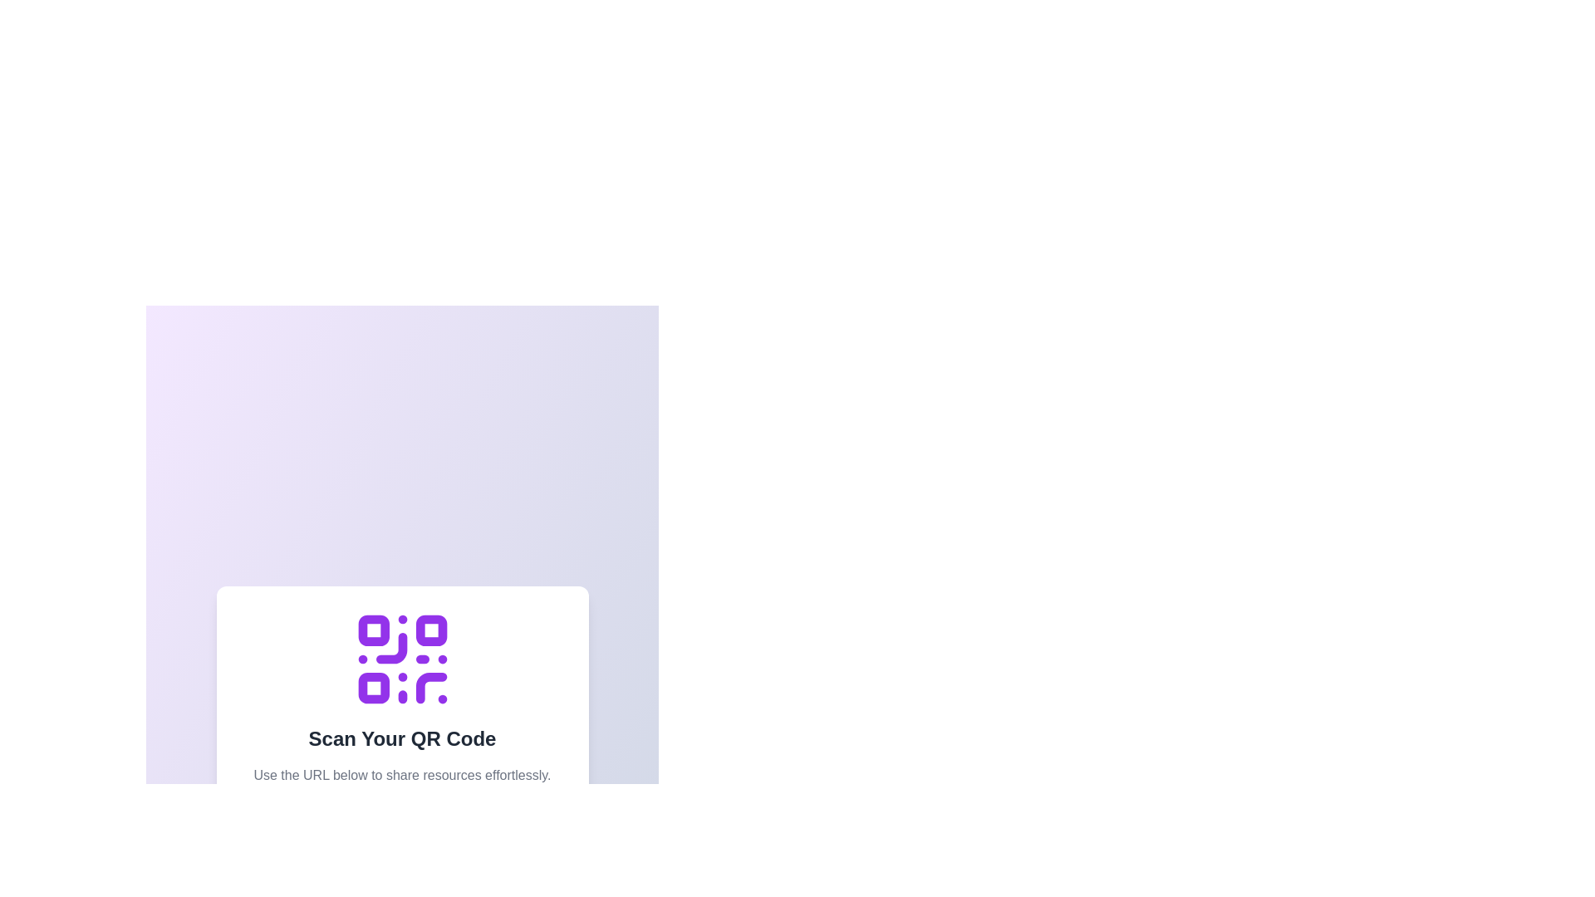  What do you see at coordinates (372, 630) in the screenshot?
I see `the small square with slightly rounded corners, filled with purple color, located in the top-left corner of the QR code` at bounding box center [372, 630].